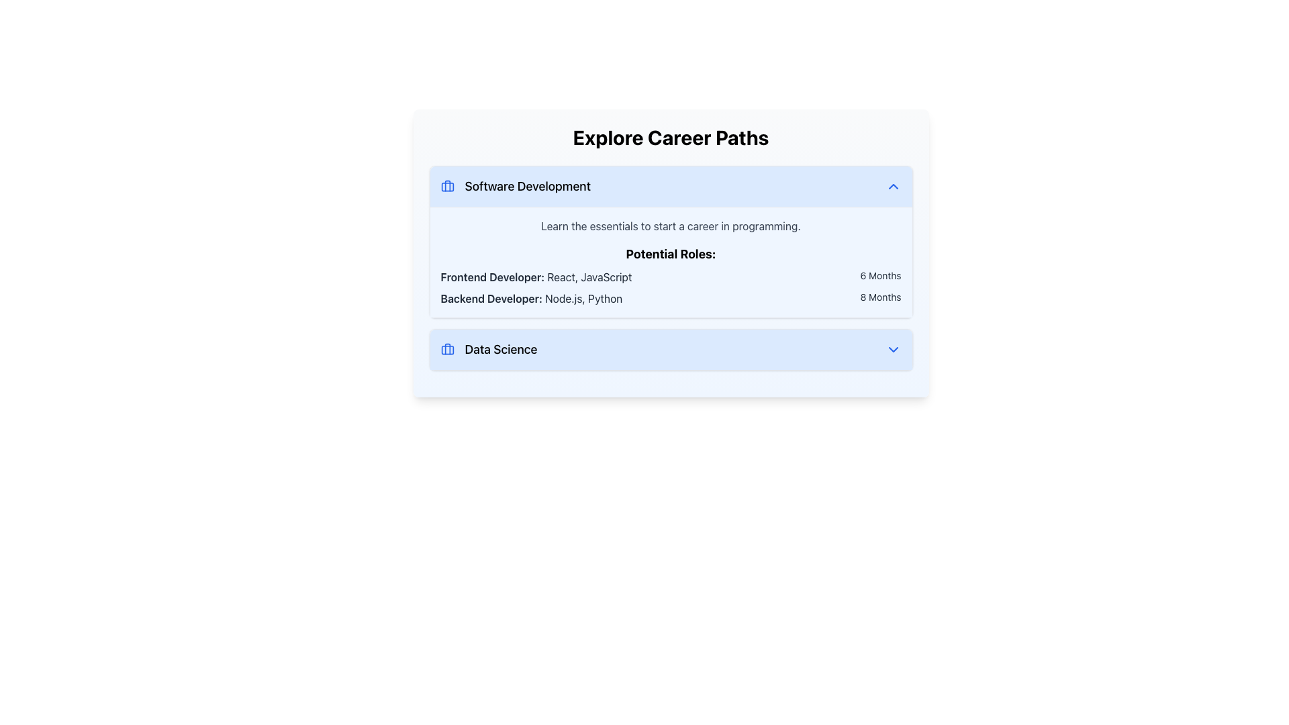 The image size is (1289, 725). Describe the element at coordinates (491, 297) in the screenshot. I see `the text label that serves as a descriptor for the 'Backend Developer' role, located beneath the 'Frontend Developer' entry in the 'Potential Roles' section` at that location.